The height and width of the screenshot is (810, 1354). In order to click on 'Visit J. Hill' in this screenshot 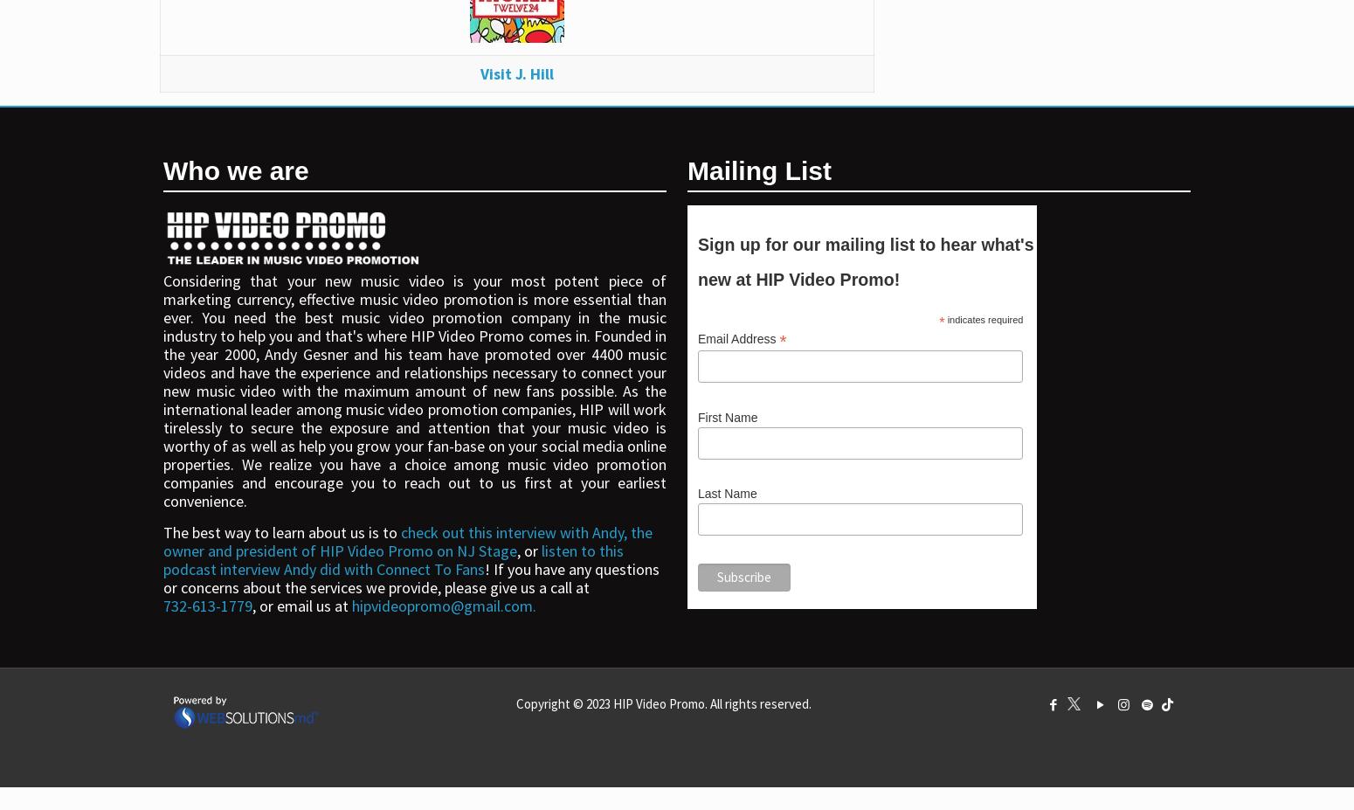, I will do `click(516, 72)`.